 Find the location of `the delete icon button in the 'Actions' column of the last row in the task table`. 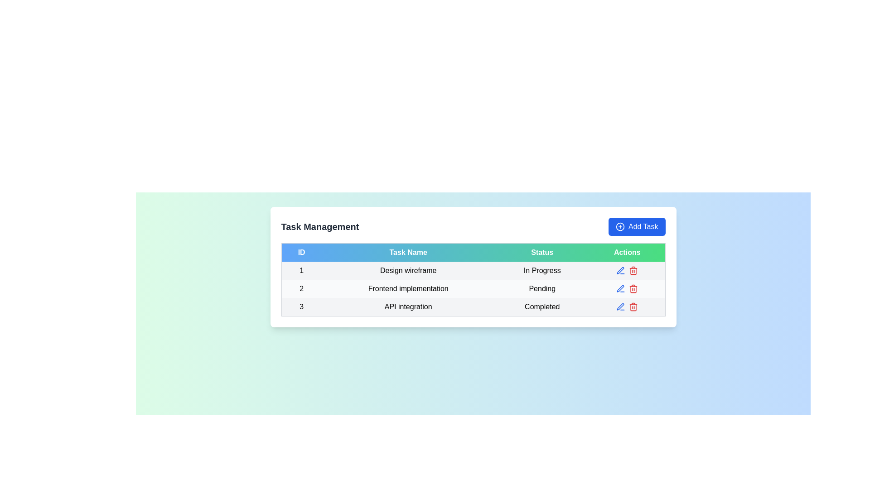

the delete icon button in the 'Actions' column of the last row in the task table is located at coordinates (633, 307).